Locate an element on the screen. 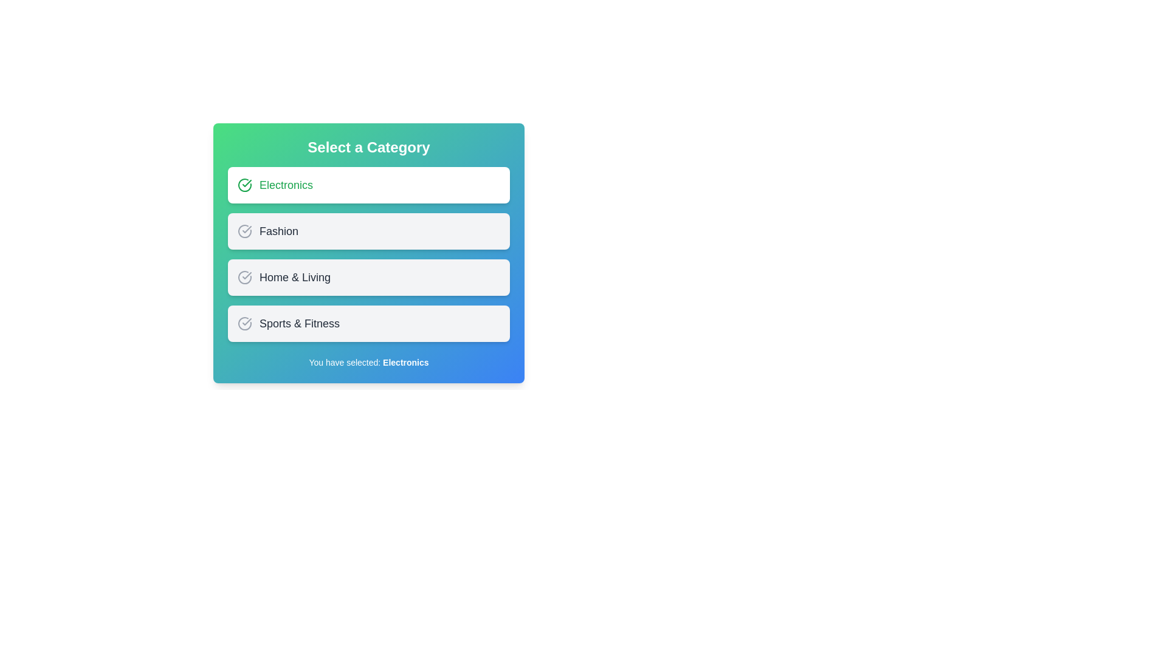  the Checkmark icon within the SVG graphic located in the upper left section of the 'Electronics' category list item is located at coordinates (246, 276).